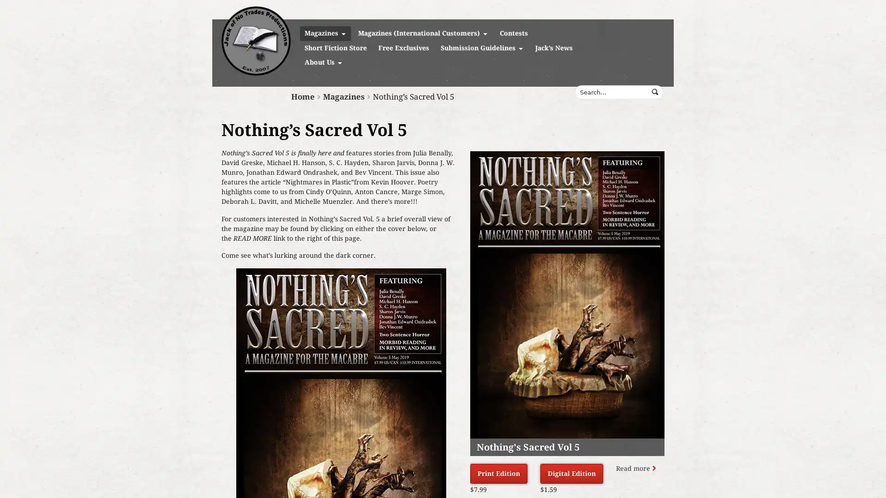 The image size is (886, 498). What do you see at coordinates (655, 92) in the screenshot?
I see `Submit` at bounding box center [655, 92].